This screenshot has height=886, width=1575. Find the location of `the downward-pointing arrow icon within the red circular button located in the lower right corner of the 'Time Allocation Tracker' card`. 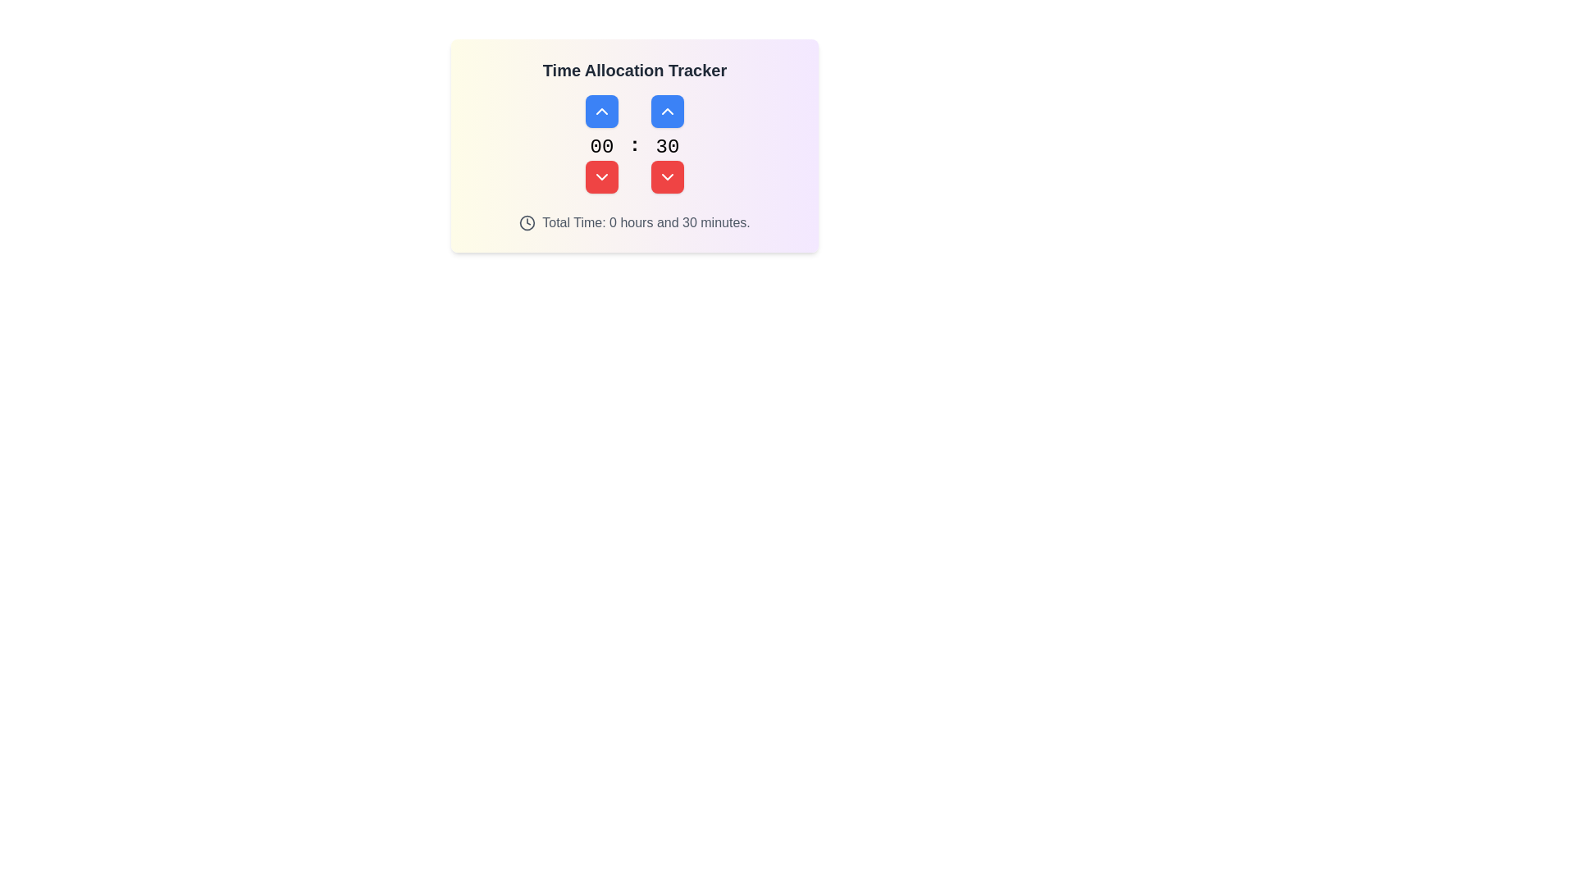

the downward-pointing arrow icon within the red circular button located in the lower right corner of the 'Time Allocation Tracker' card is located at coordinates (668, 177).